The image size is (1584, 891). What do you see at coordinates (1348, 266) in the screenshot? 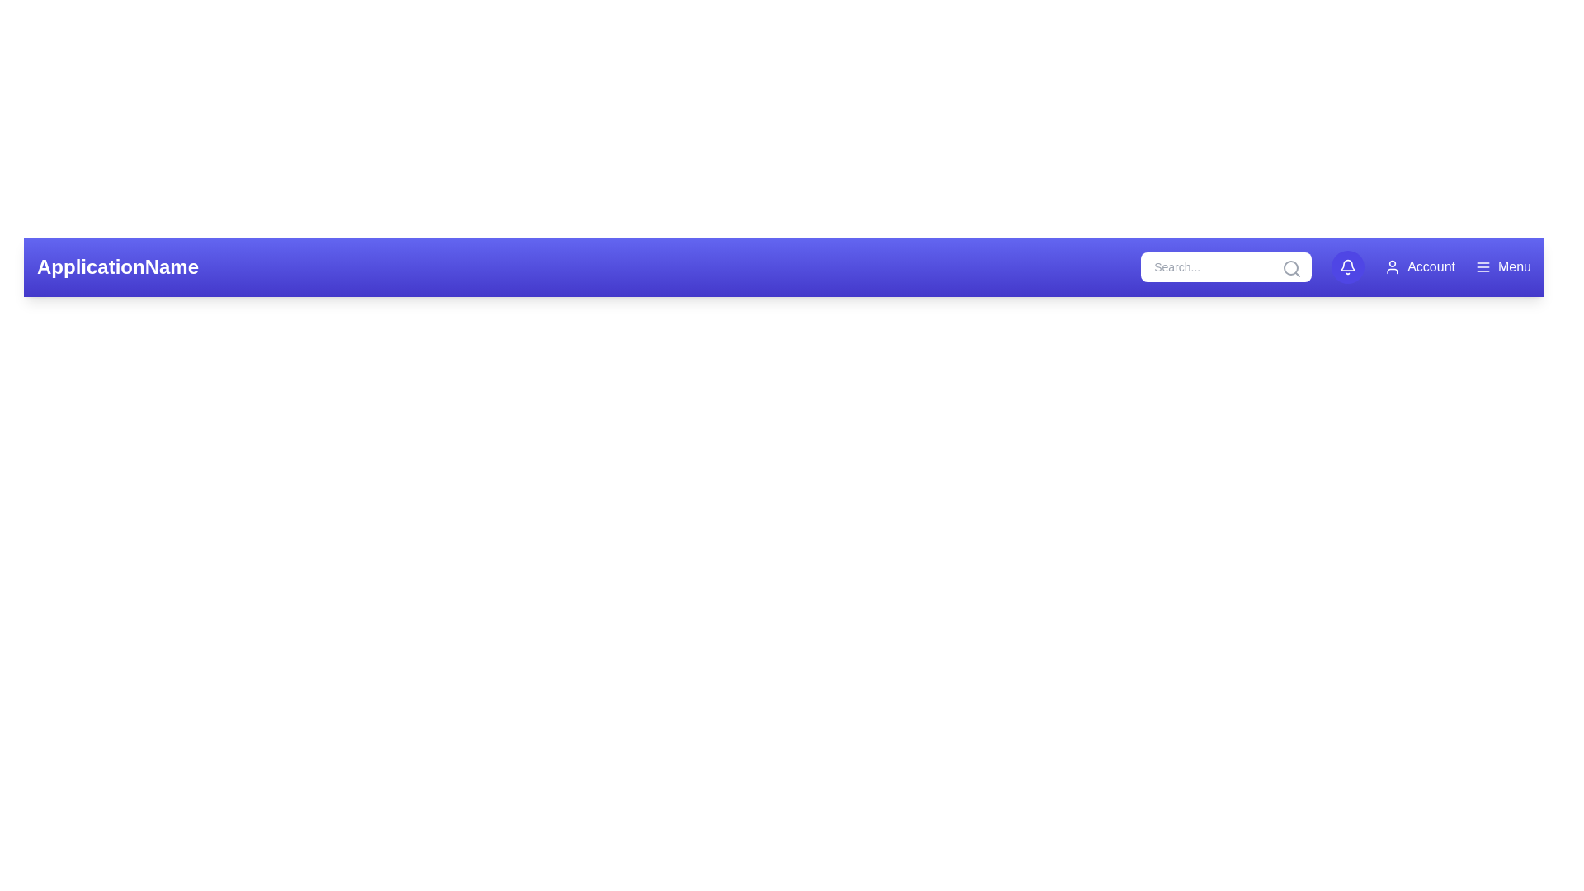
I see `the notification button` at bounding box center [1348, 266].